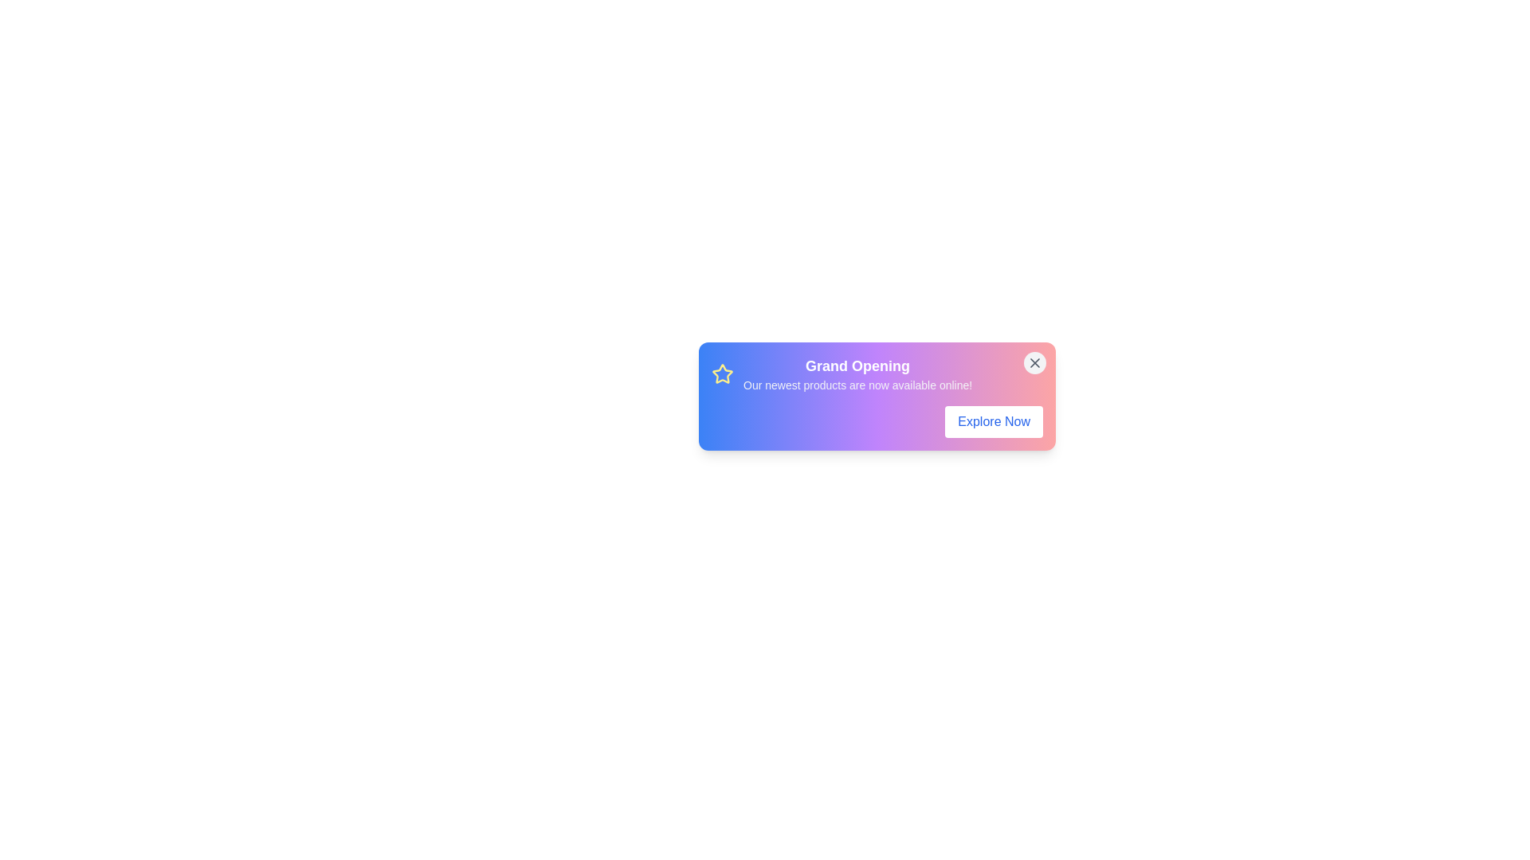 This screenshot has width=1530, height=860. I want to click on the small square close button icon with an 'X' on a rounded grayish background located in the top-right corner of the notification card, so click(1035, 362).